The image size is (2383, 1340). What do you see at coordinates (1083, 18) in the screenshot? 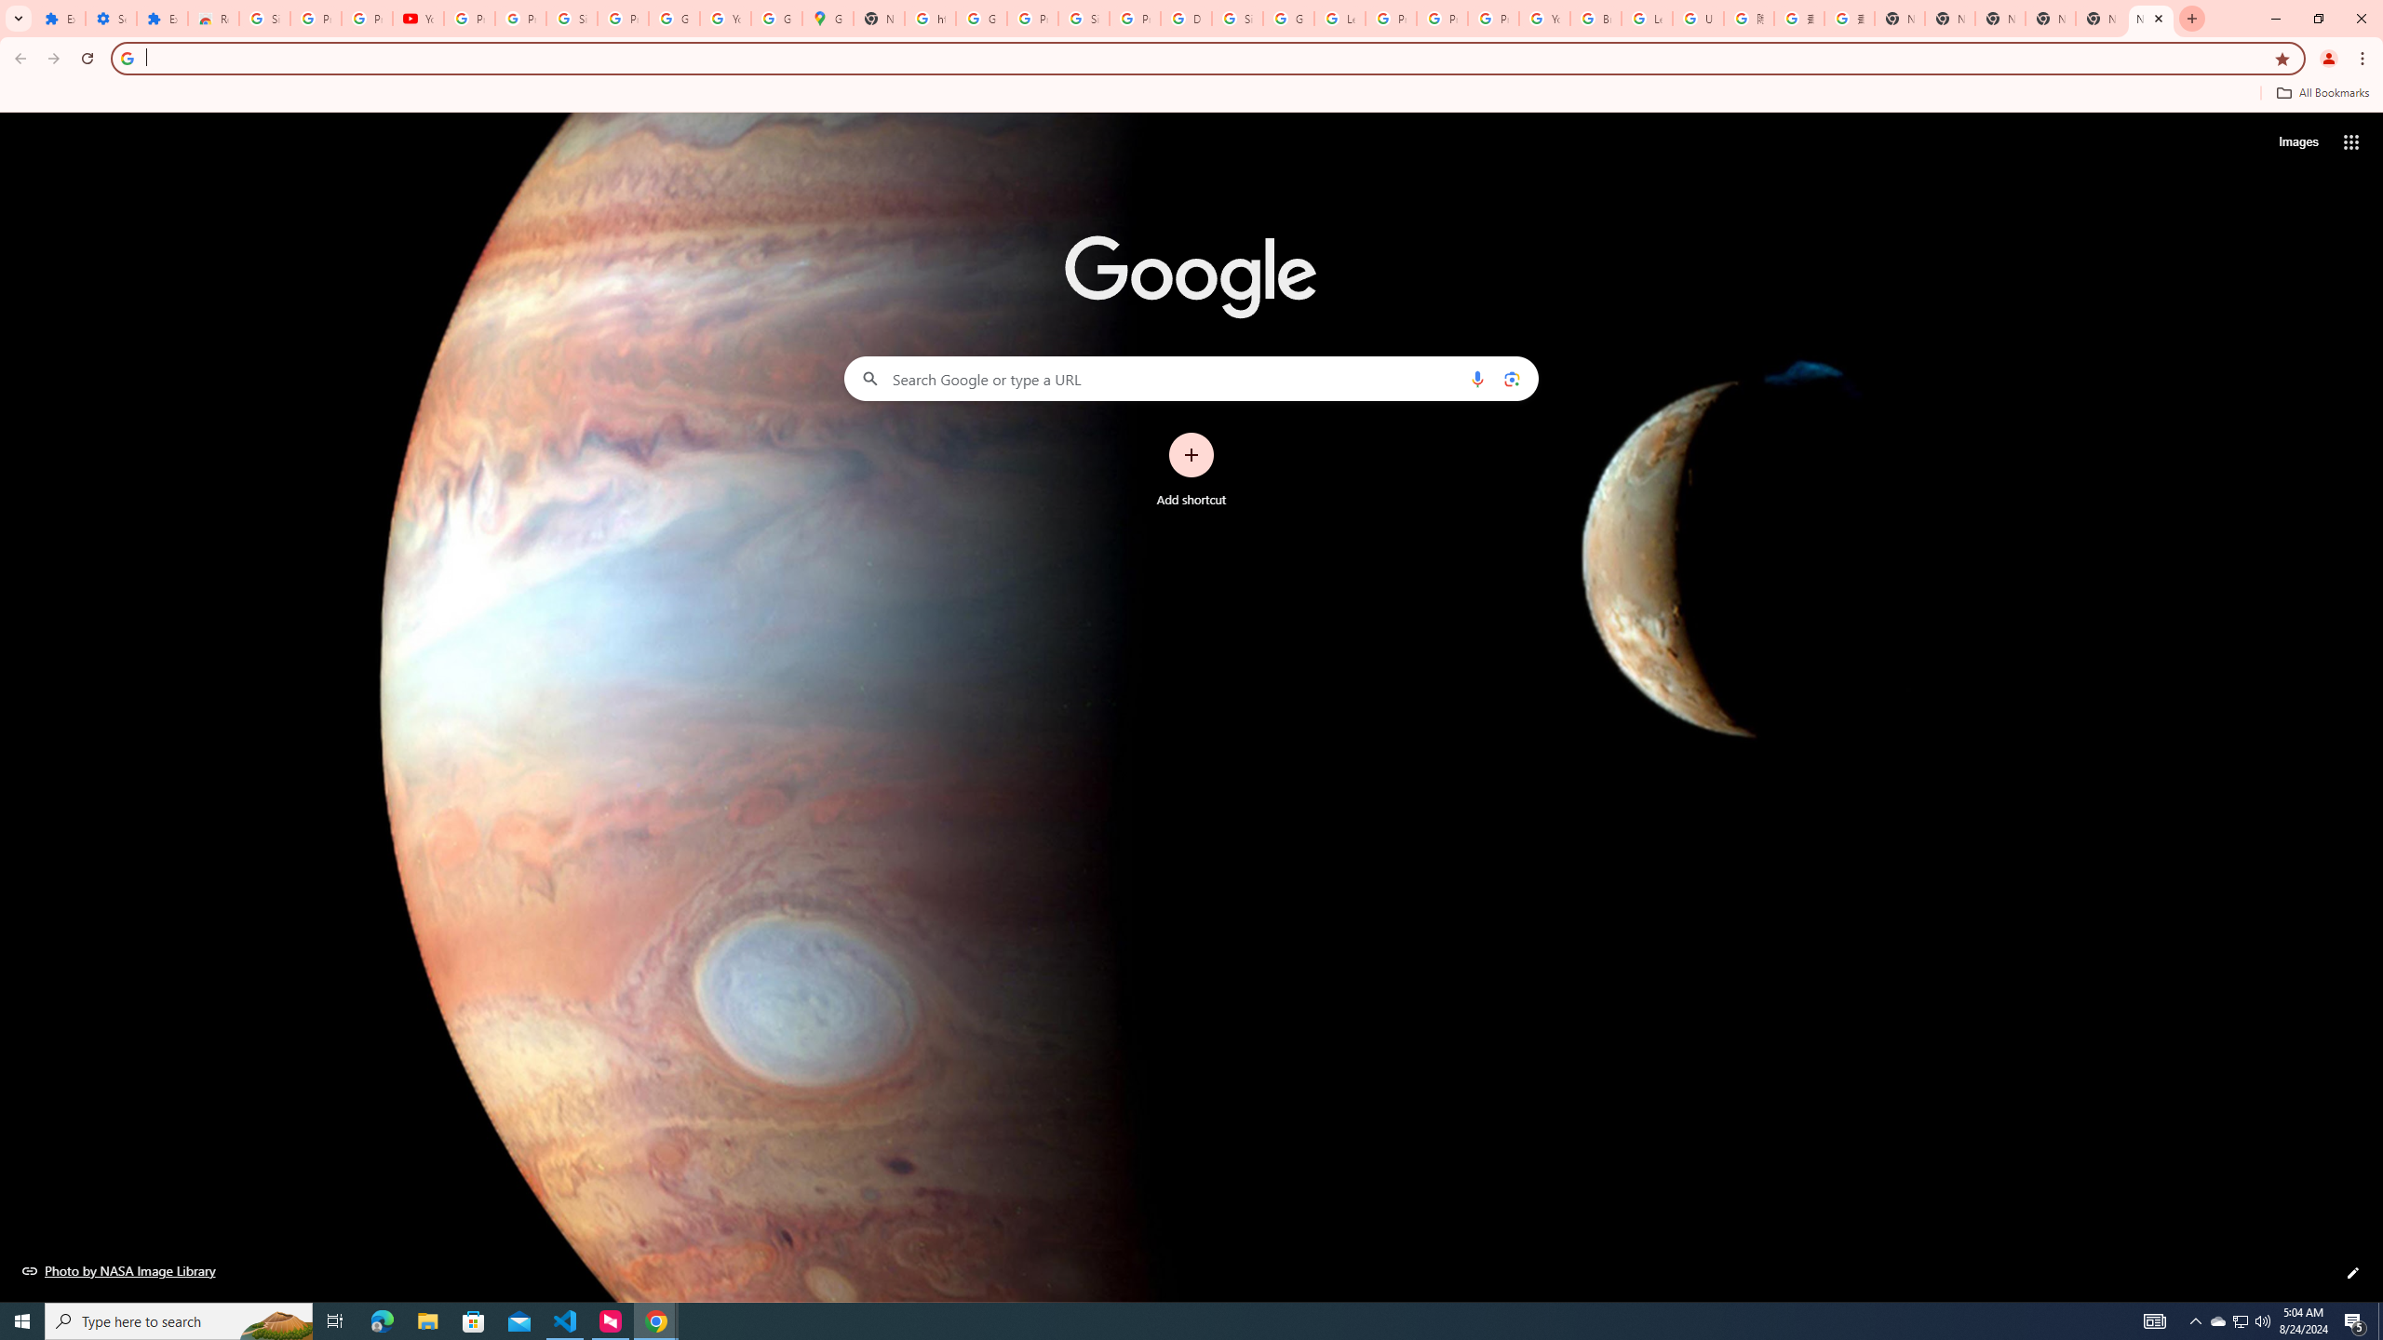
I see `'Sign in - Google Accounts'` at bounding box center [1083, 18].